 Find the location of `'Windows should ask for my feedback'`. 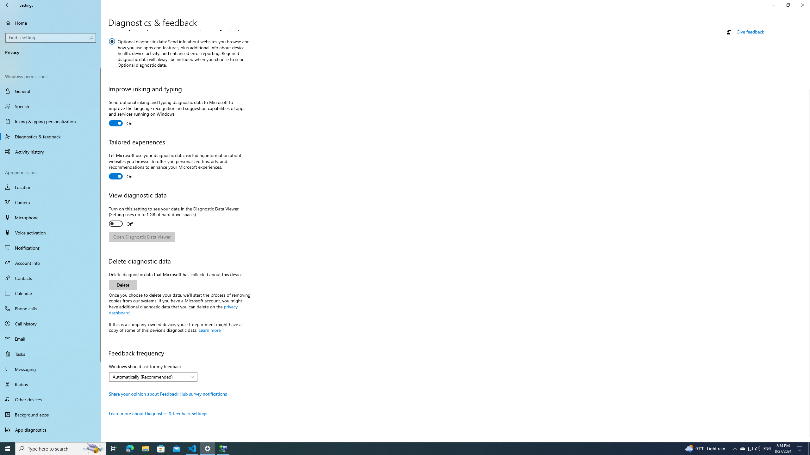

'Windows should ask for my feedback' is located at coordinates (153, 377).